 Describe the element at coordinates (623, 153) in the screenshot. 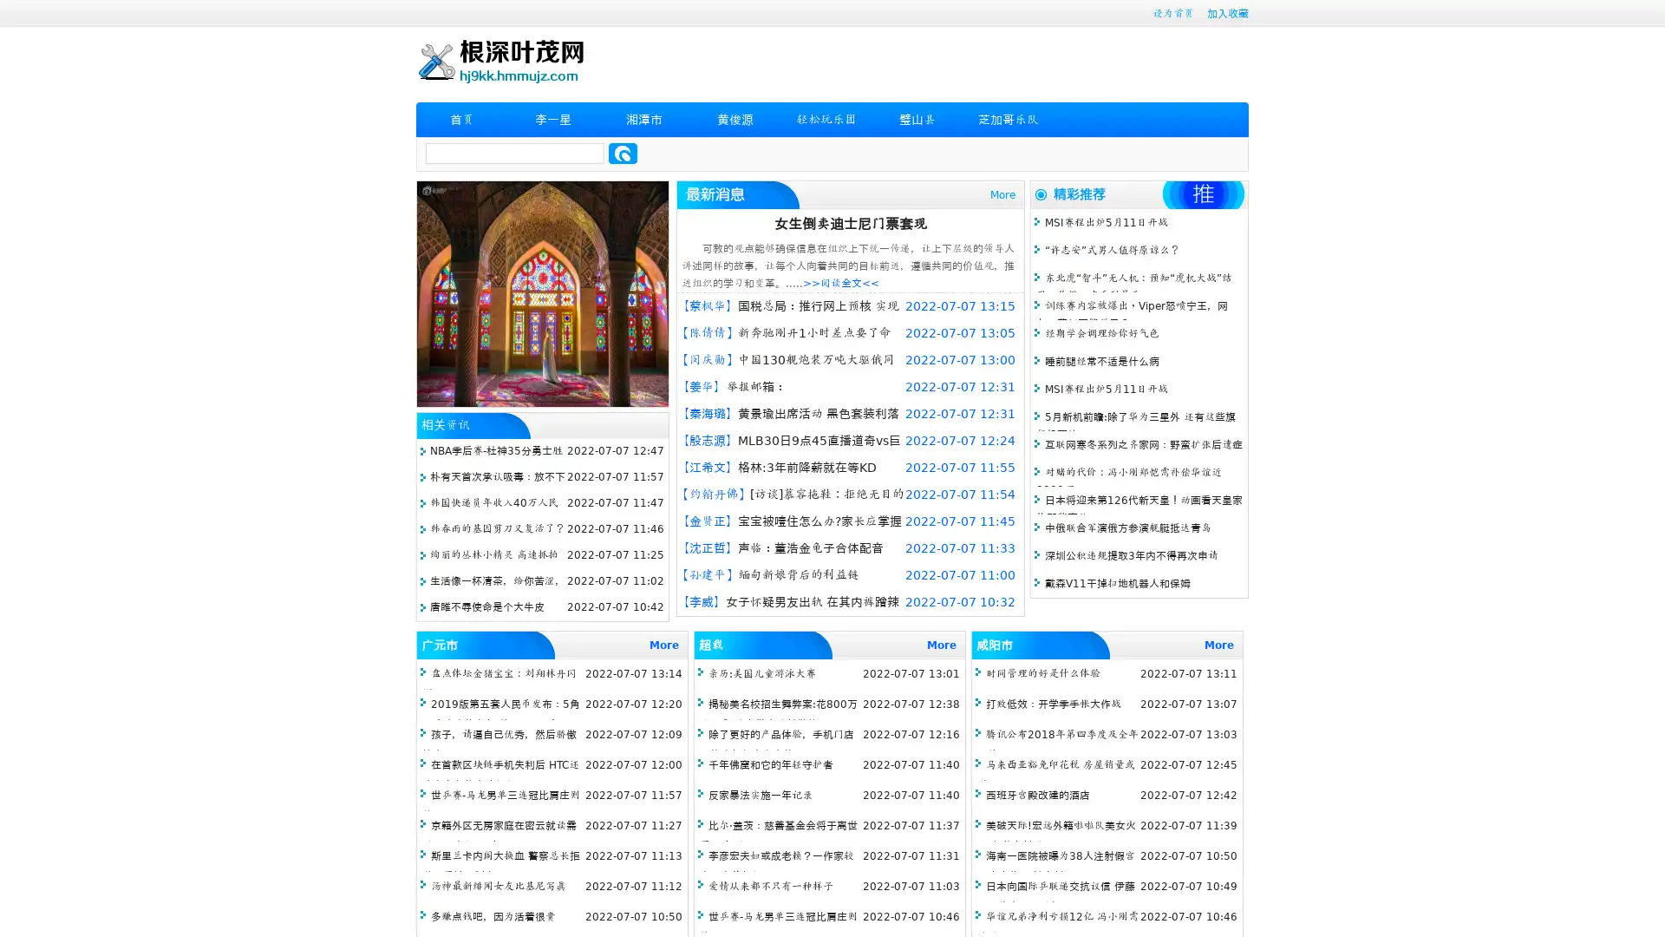

I see `Search` at that location.